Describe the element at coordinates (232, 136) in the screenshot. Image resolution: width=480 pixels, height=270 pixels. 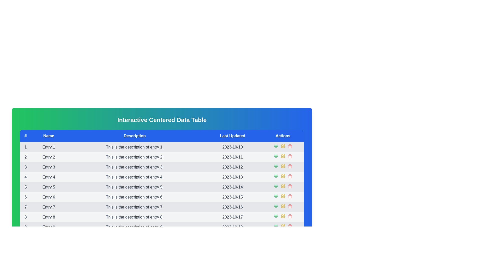
I see `the column header to sort the data by Last Updated` at that location.